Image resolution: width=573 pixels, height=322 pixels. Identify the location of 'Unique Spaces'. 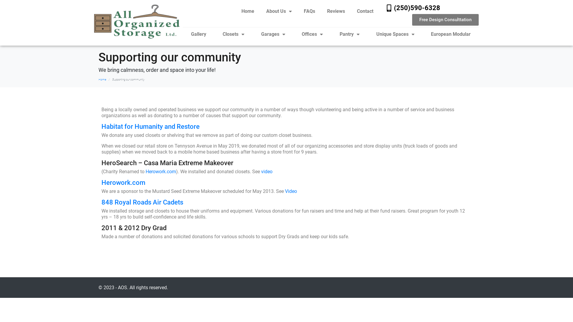
(368, 34).